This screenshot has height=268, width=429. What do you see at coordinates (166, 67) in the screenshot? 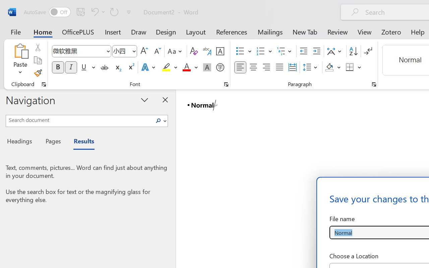
I see `'Text Highlight Color Yellow'` at bounding box center [166, 67].